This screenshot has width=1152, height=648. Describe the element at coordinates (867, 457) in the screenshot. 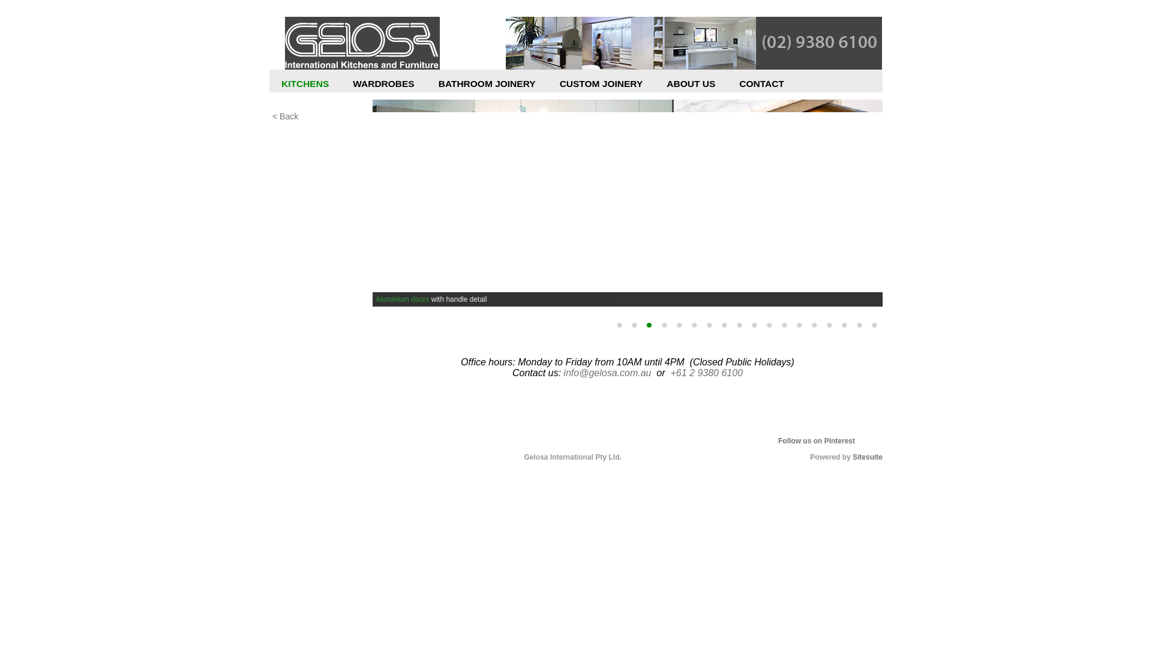

I see `'Sitesuite'` at that location.